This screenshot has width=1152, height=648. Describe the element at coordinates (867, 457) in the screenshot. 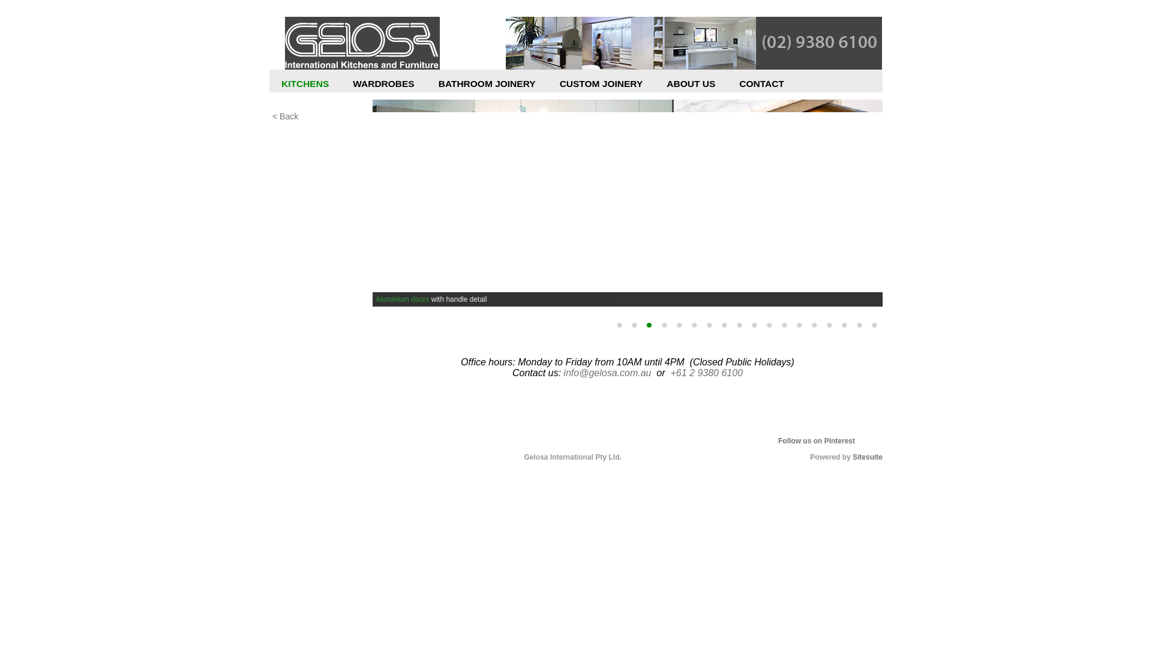

I see `'Sitesuite'` at that location.